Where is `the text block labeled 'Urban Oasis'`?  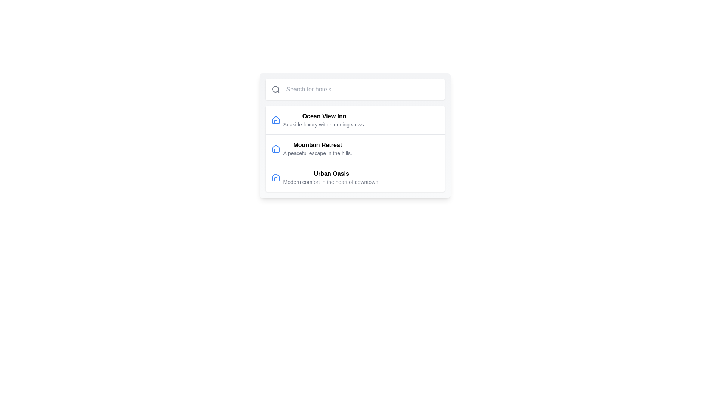 the text block labeled 'Urban Oasis' is located at coordinates (331, 177).